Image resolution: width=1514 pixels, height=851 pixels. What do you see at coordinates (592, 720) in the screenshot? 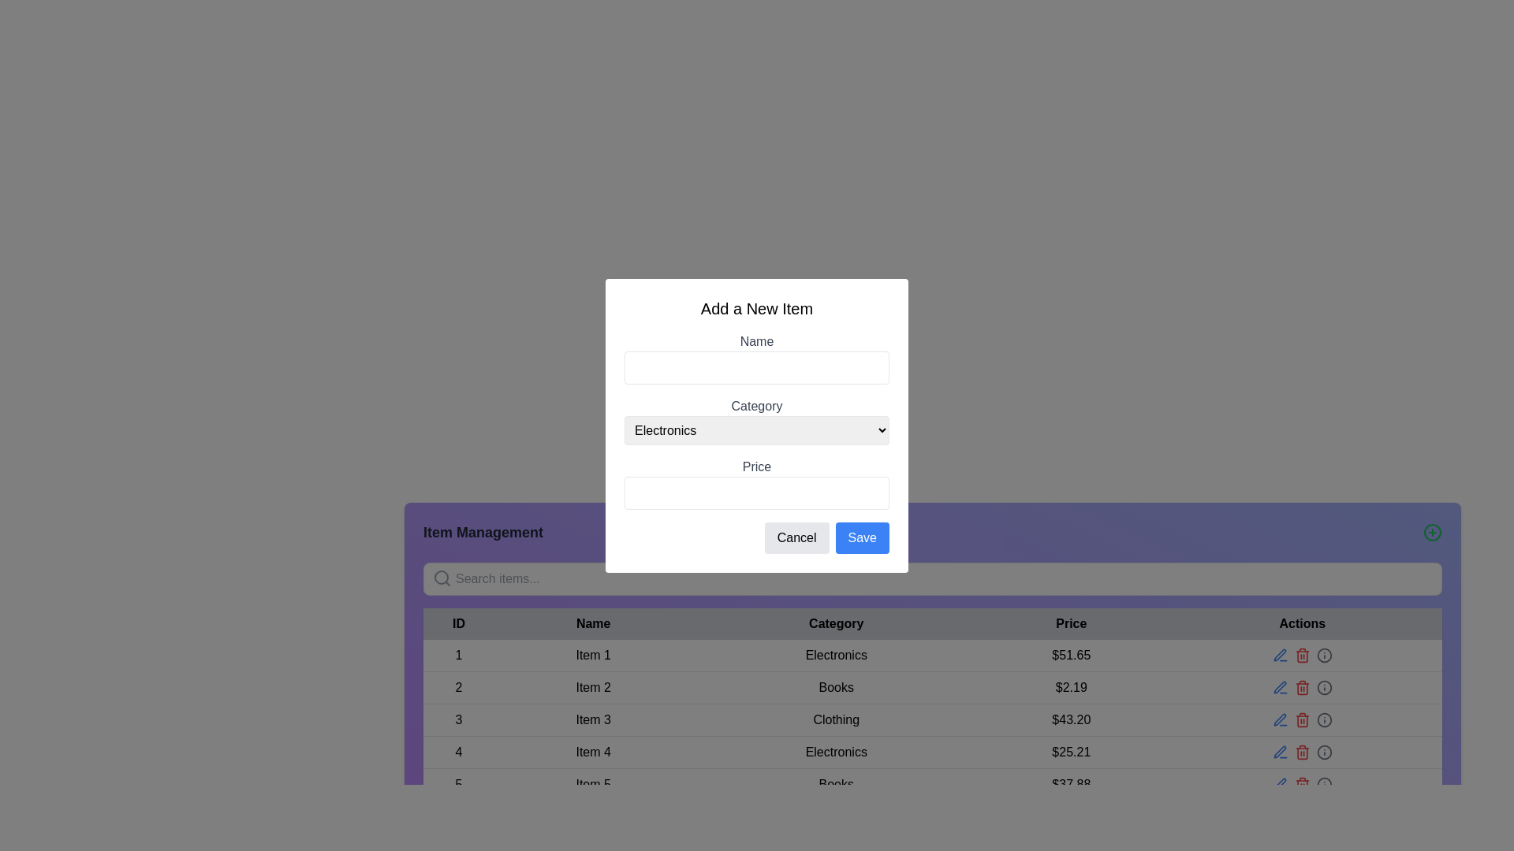
I see `the text label 'Item 3' located in the third row under the 'Name' column of the Item Management interface` at bounding box center [592, 720].